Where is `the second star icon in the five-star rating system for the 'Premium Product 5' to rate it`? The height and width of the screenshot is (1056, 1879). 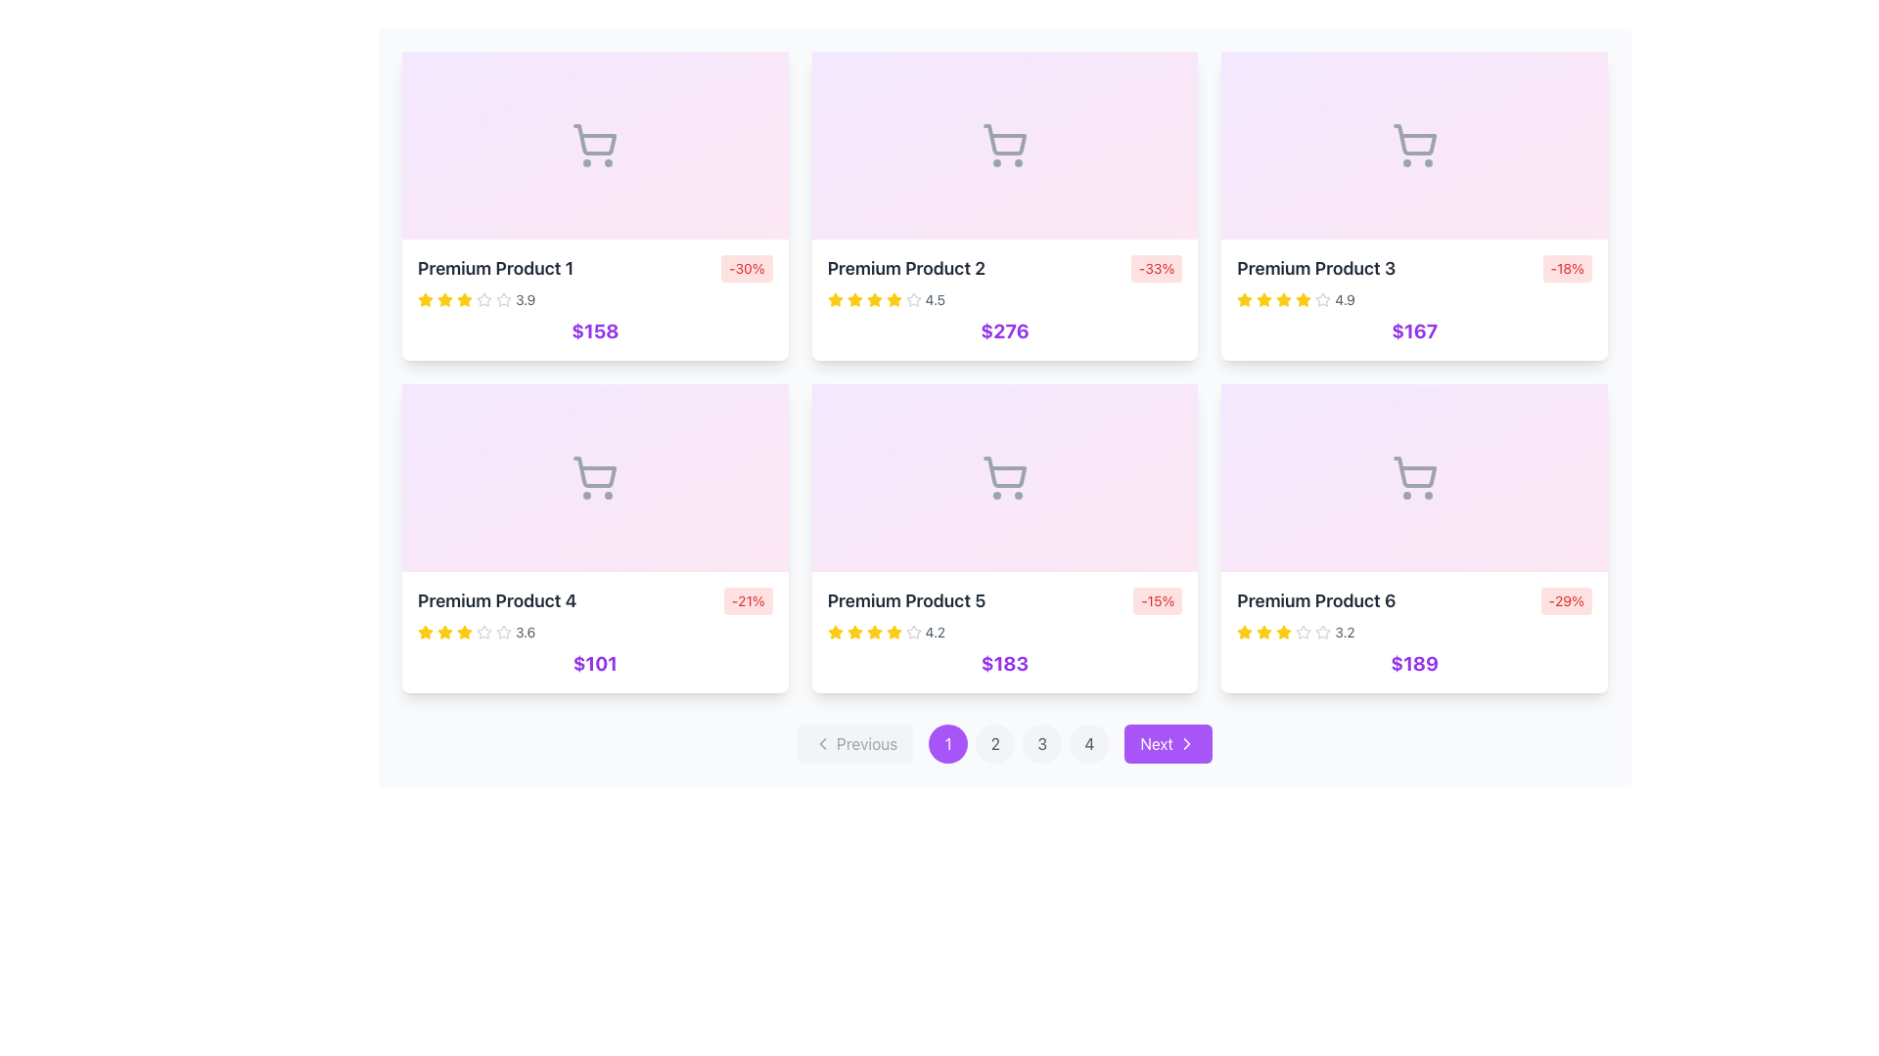 the second star icon in the five-star rating system for the 'Premium Product 5' to rate it is located at coordinates (835, 632).